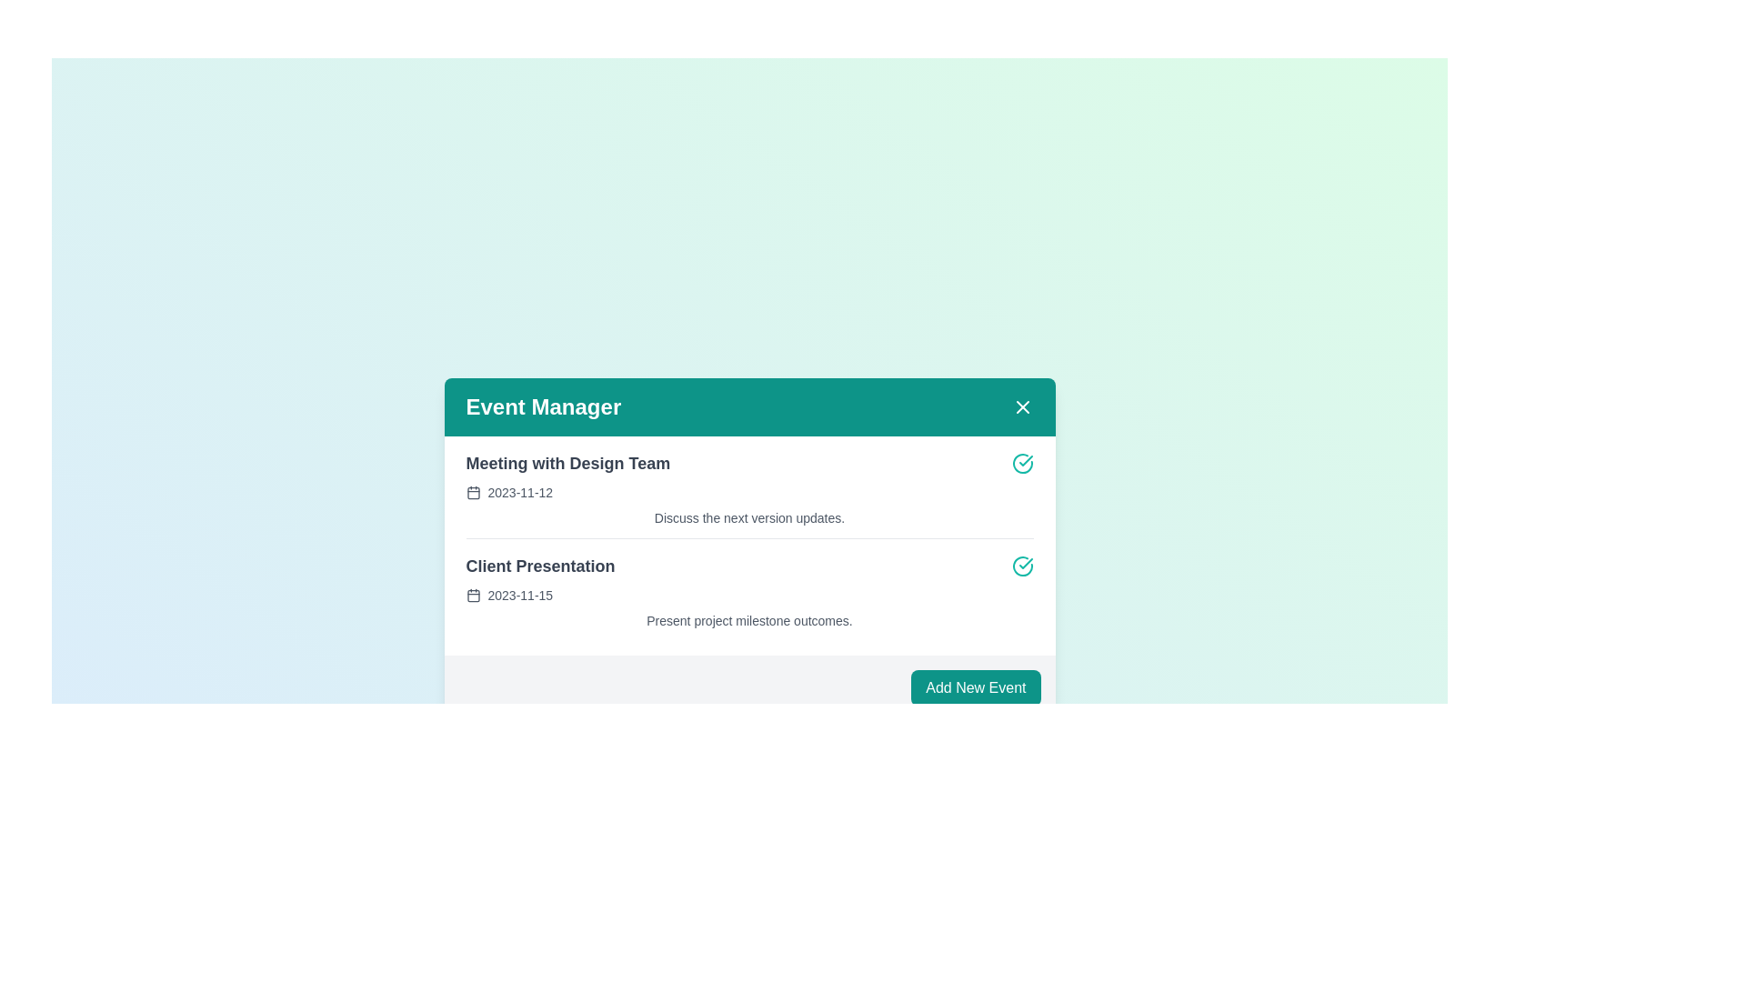  What do you see at coordinates (975, 687) in the screenshot?
I see `the 'Add New Event' button to initiate adding a new event` at bounding box center [975, 687].